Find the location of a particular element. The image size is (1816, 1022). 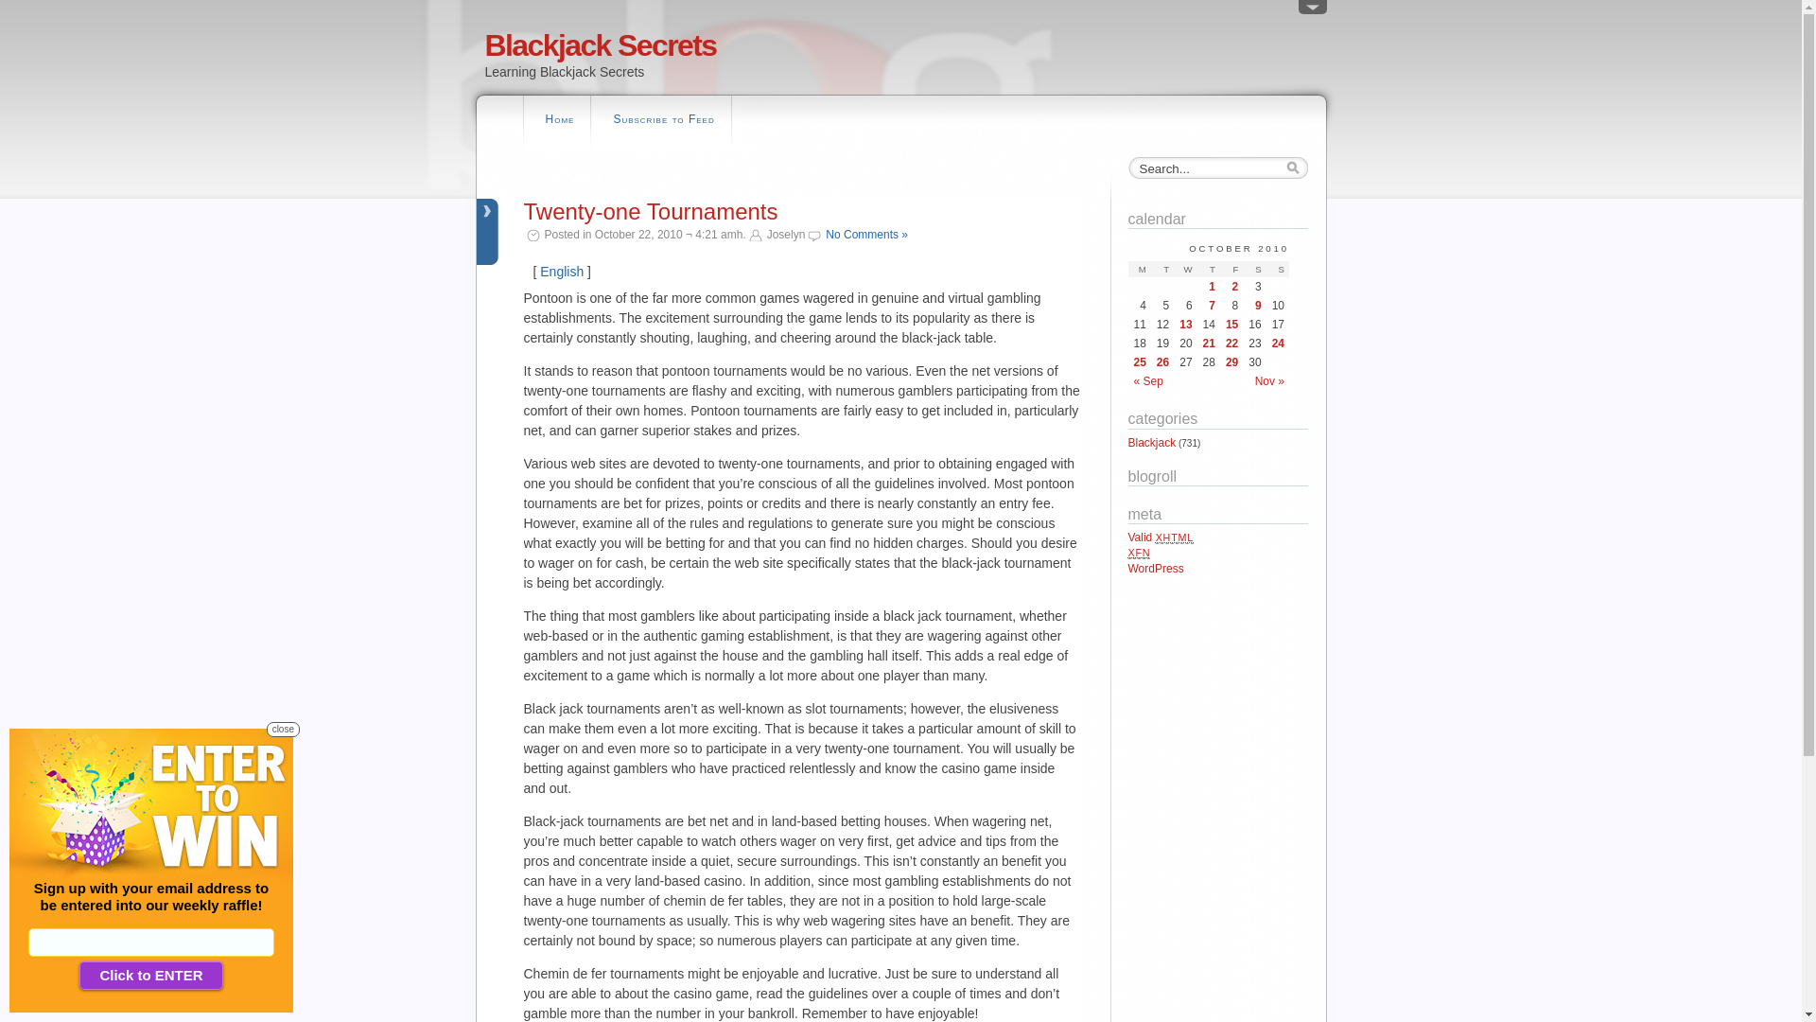

'26' is located at coordinates (1161, 361).